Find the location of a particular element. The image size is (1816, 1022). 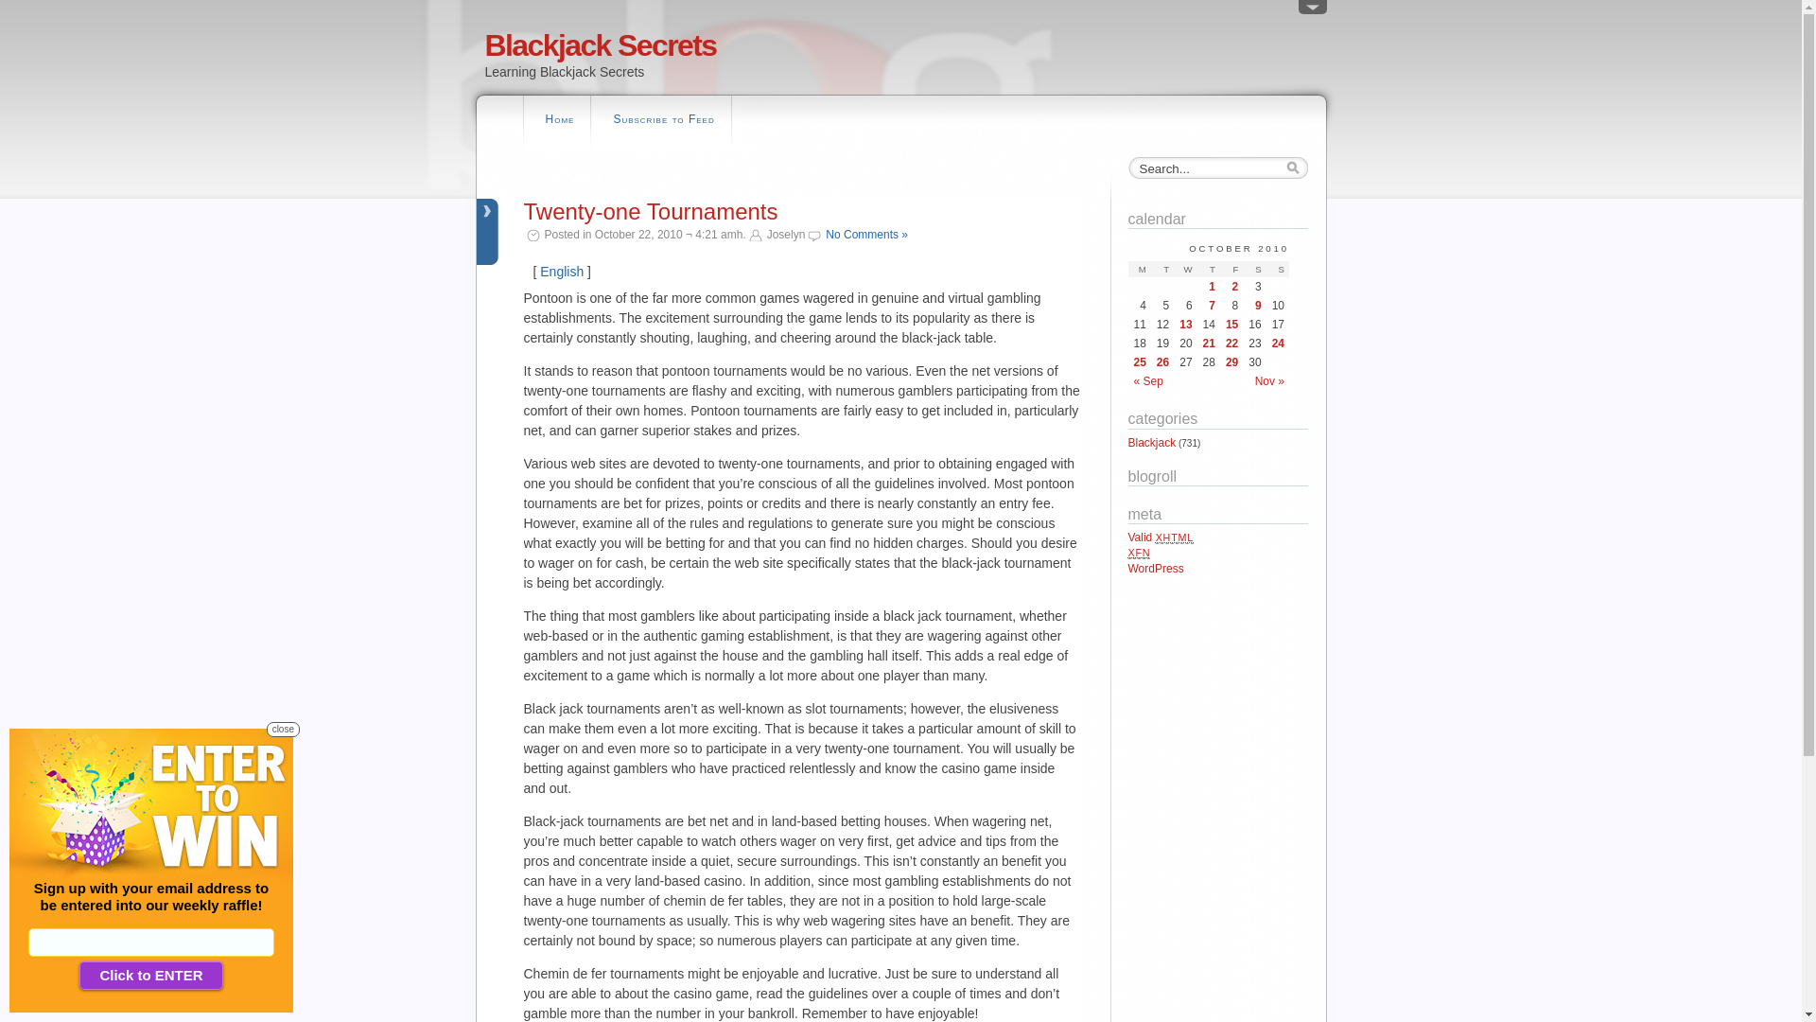

'26' is located at coordinates (1161, 361).